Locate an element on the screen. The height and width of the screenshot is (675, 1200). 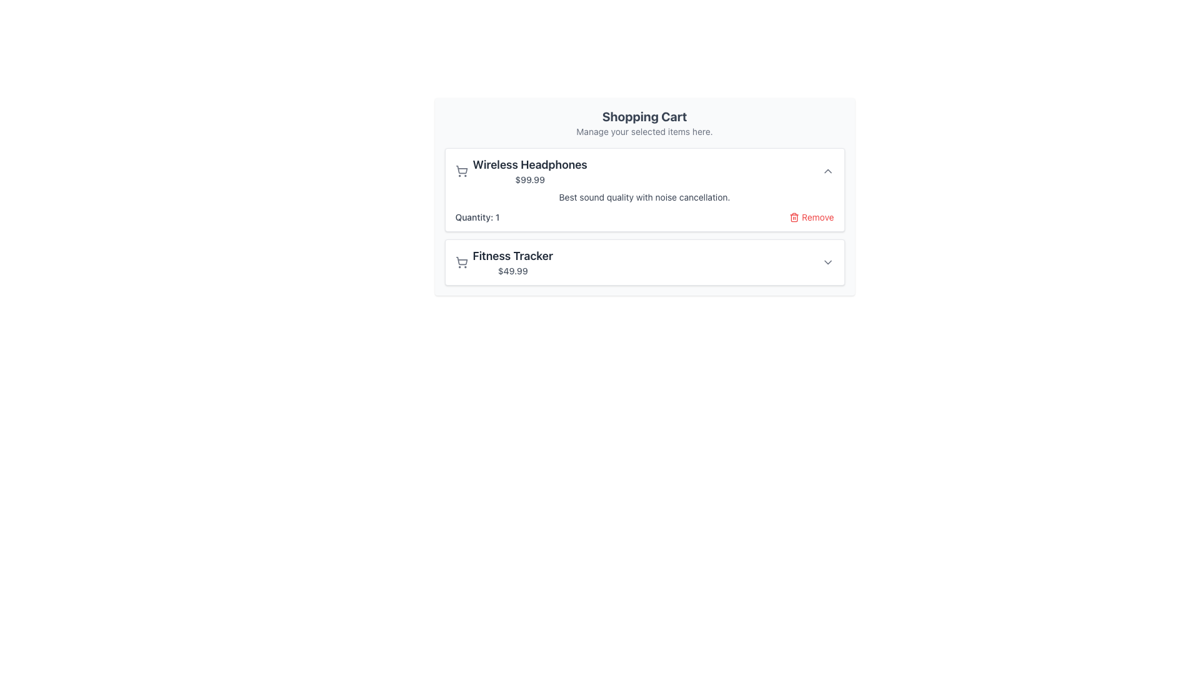
the product name 'Wireless Headphones' in the shopping cart interface for details is located at coordinates (521, 171).